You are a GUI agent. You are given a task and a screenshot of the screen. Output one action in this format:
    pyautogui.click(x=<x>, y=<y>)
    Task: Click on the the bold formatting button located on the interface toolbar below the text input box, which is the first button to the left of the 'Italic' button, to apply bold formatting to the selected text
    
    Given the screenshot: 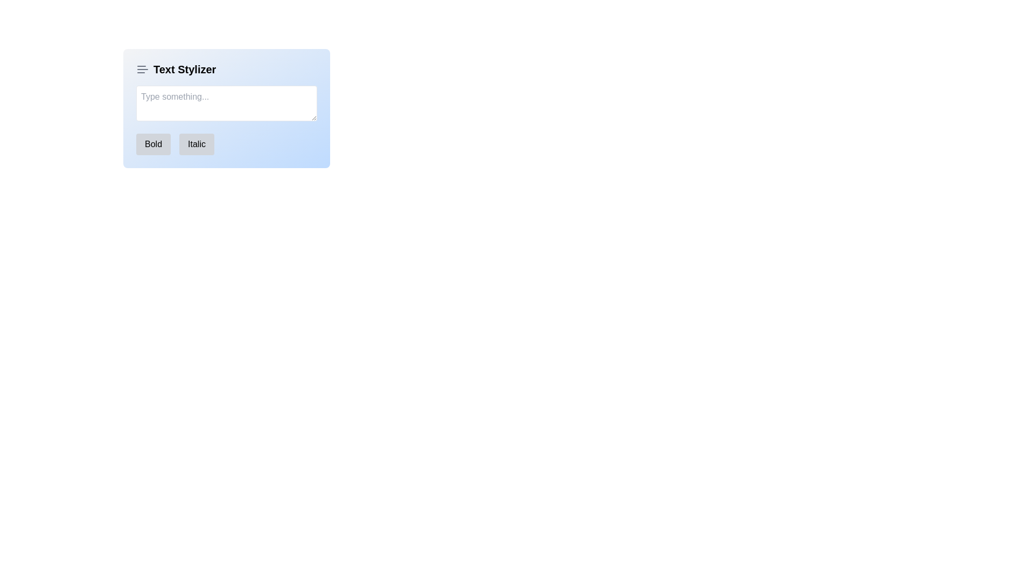 What is the action you would take?
    pyautogui.click(x=152, y=143)
    